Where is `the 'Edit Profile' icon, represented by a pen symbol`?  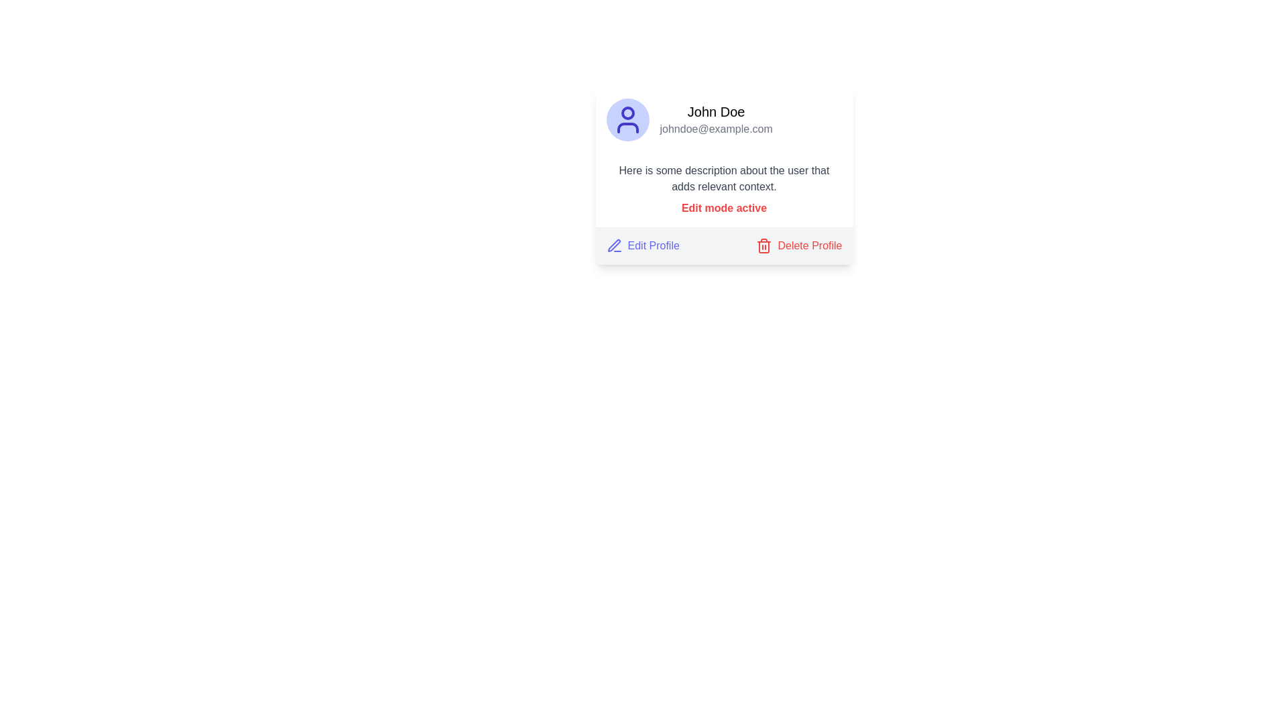 the 'Edit Profile' icon, represented by a pen symbol is located at coordinates (613, 245).